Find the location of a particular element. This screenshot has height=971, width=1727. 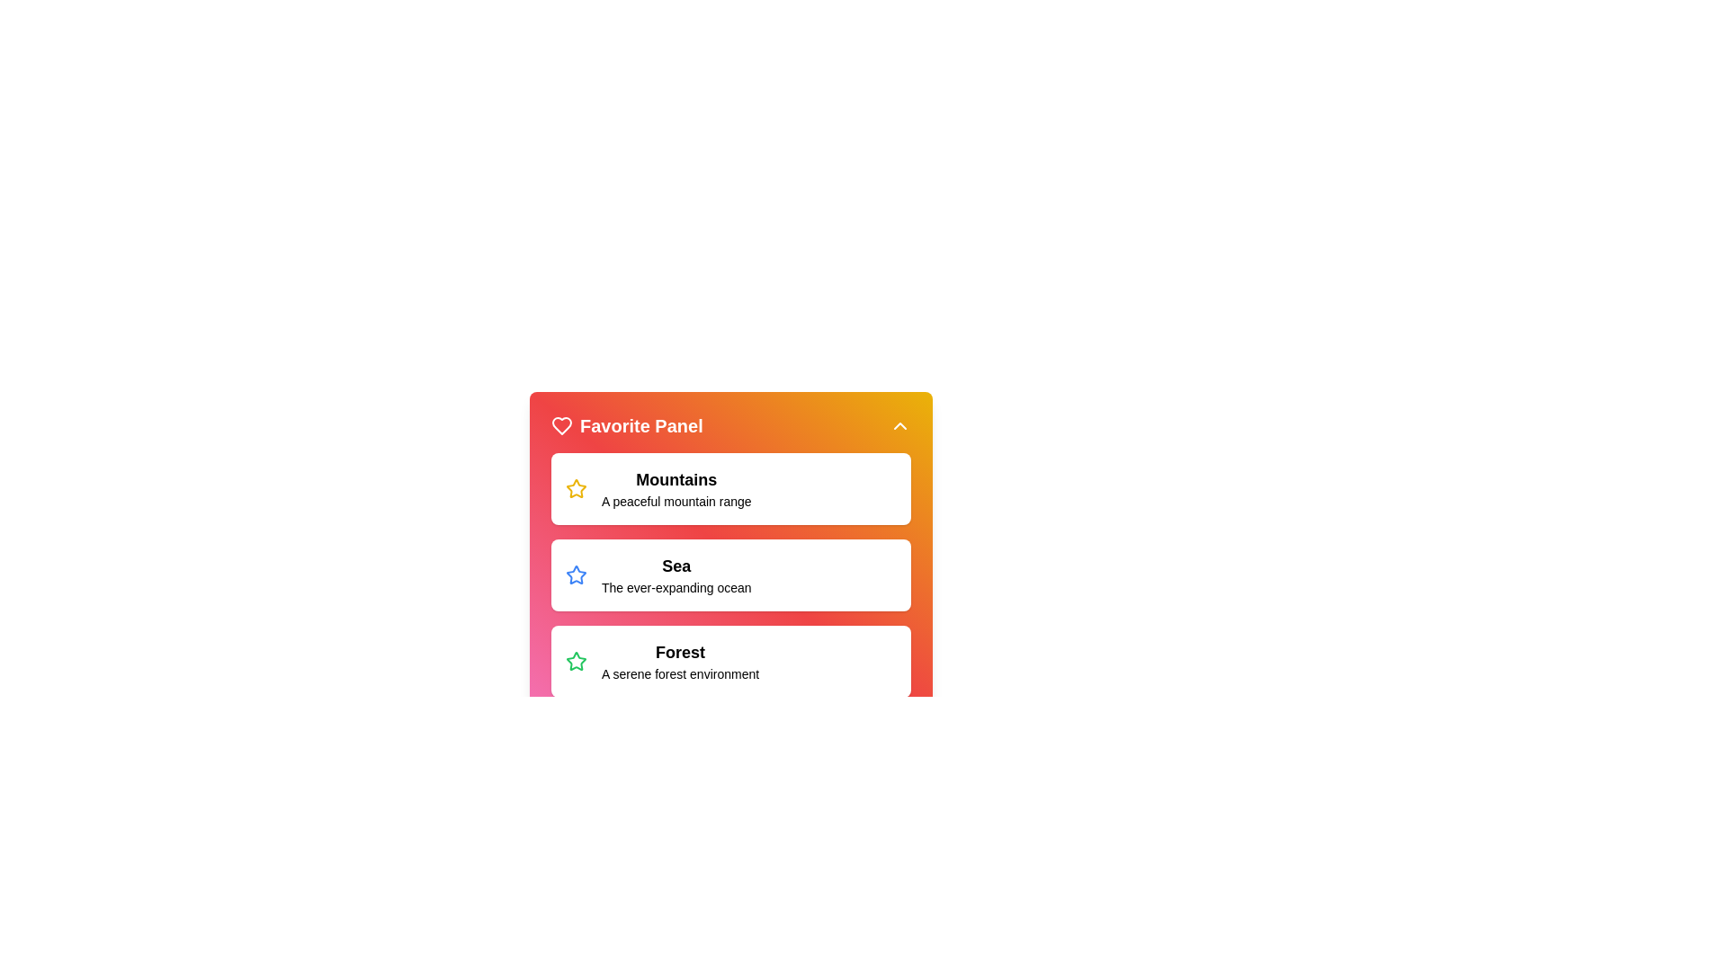

the green star icon with a white interior located near the label 'Forest' in the 'Favorite Panel' is located at coordinates (577, 661).